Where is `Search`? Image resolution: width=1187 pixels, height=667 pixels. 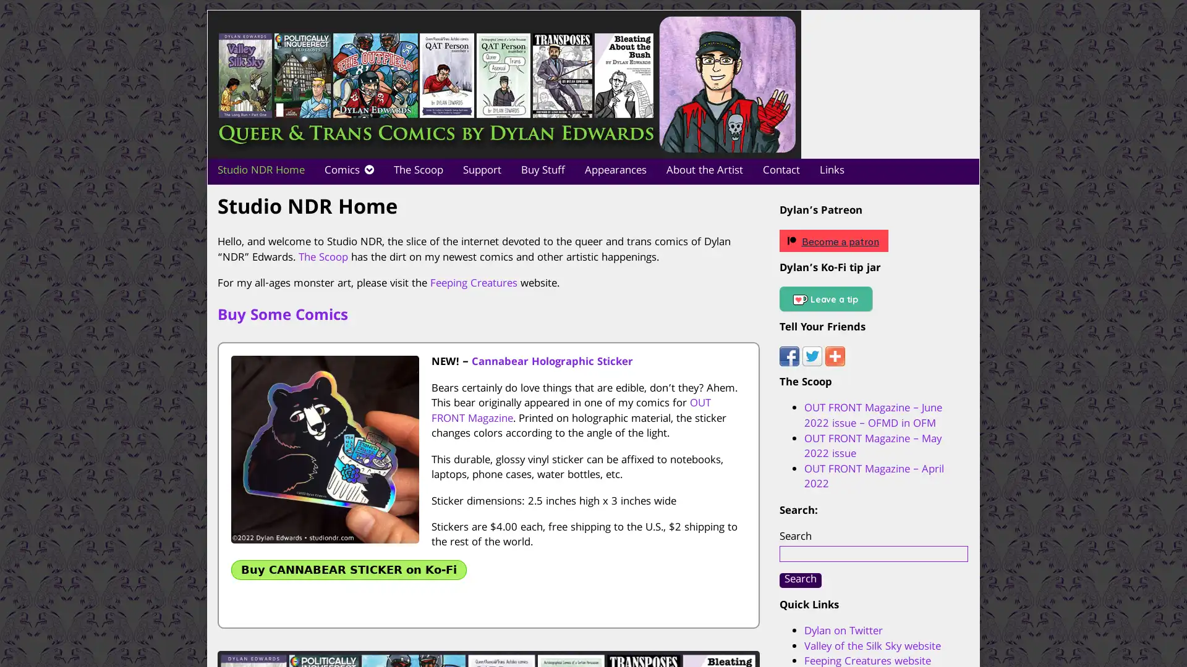
Search is located at coordinates (801, 580).